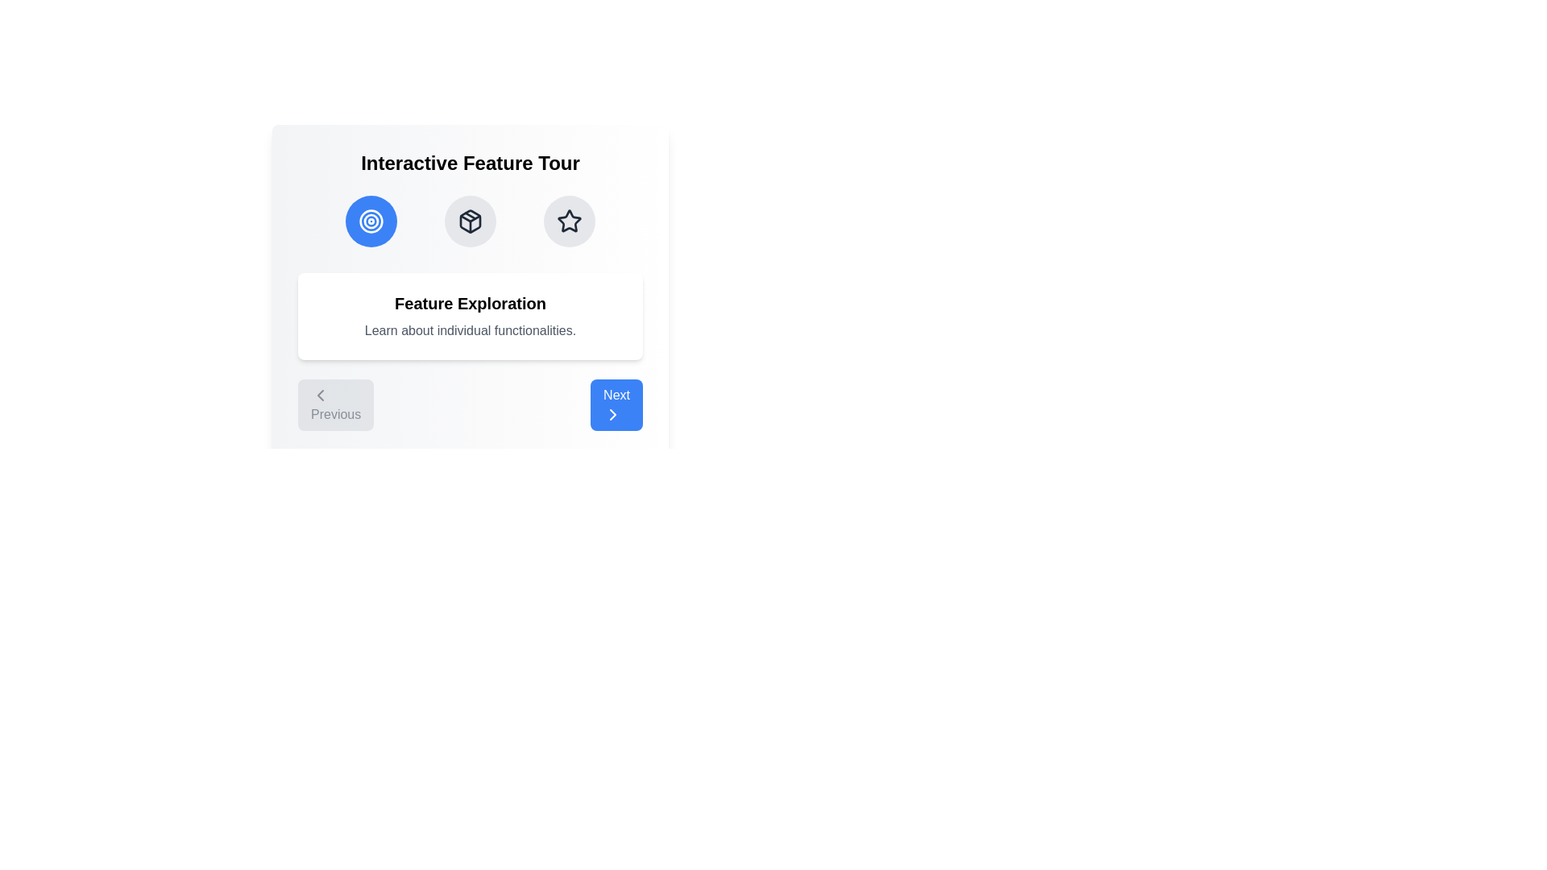  Describe the element at coordinates (612, 414) in the screenshot. I see `the right-pointing chevron icon within the 'Next' button, which is styled in blue and white and located at the bottom-right corner of the interface` at that location.